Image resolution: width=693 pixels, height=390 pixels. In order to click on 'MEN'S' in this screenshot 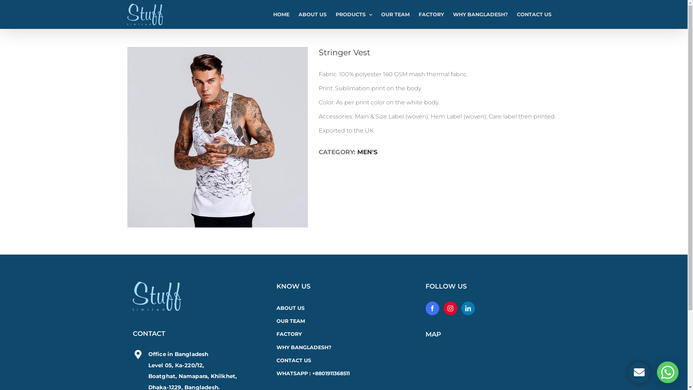, I will do `click(367, 151)`.